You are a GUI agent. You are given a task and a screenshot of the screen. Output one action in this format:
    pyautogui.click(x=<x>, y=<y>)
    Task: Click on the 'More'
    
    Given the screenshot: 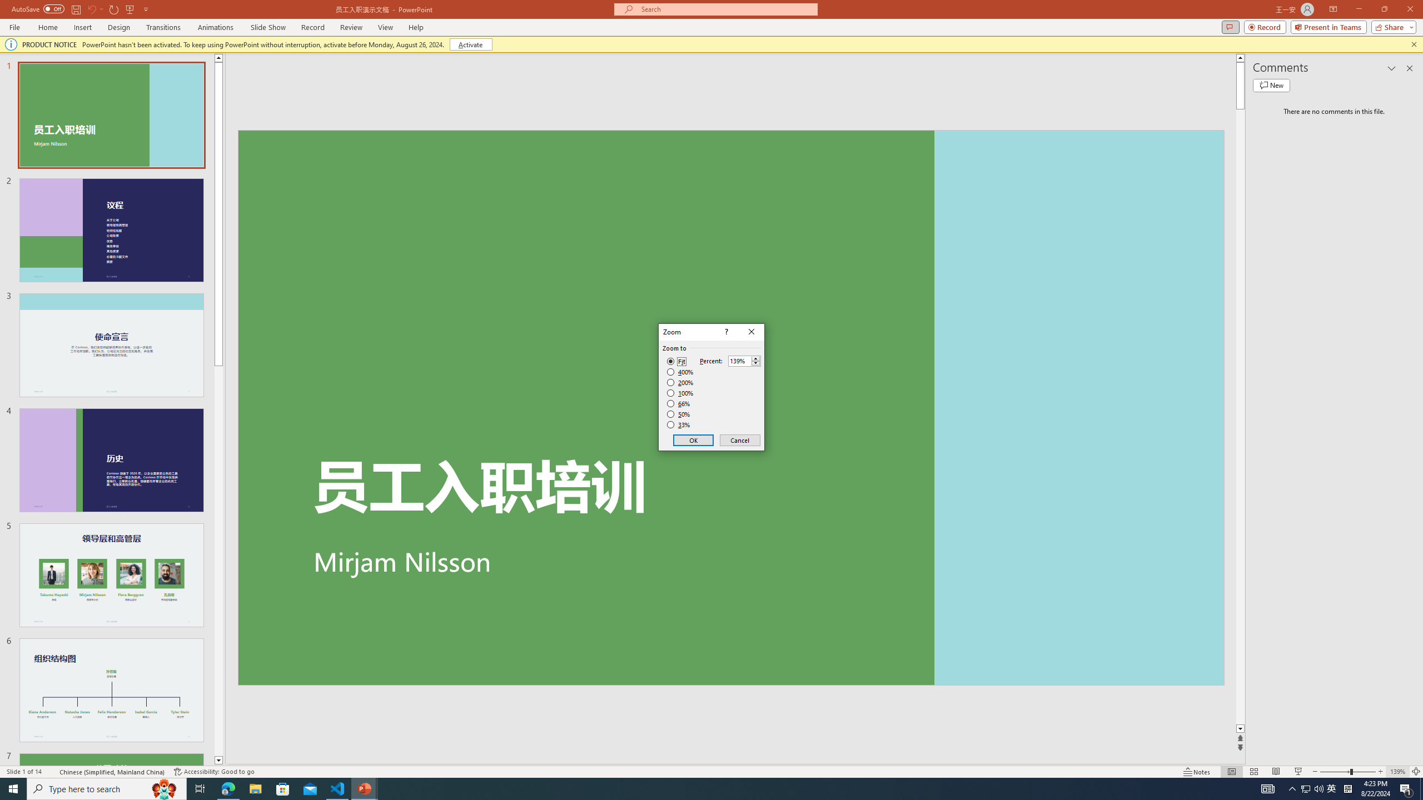 What is the action you would take?
    pyautogui.click(x=755, y=358)
    